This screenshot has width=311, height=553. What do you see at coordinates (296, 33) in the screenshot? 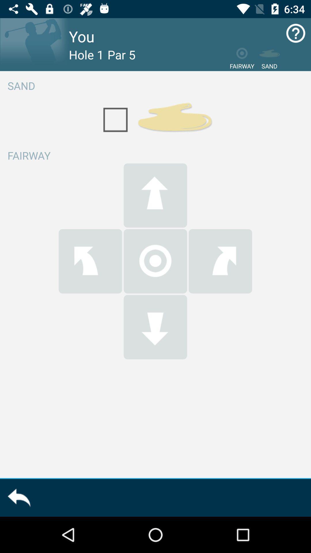
I see `open how to` at bounding box center [296, 33].